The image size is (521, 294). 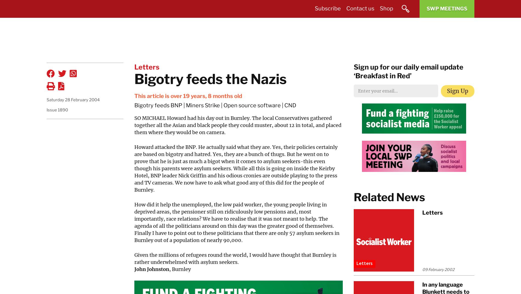 I want to click on 'Education for Socialists', so click(x=337, y=71).